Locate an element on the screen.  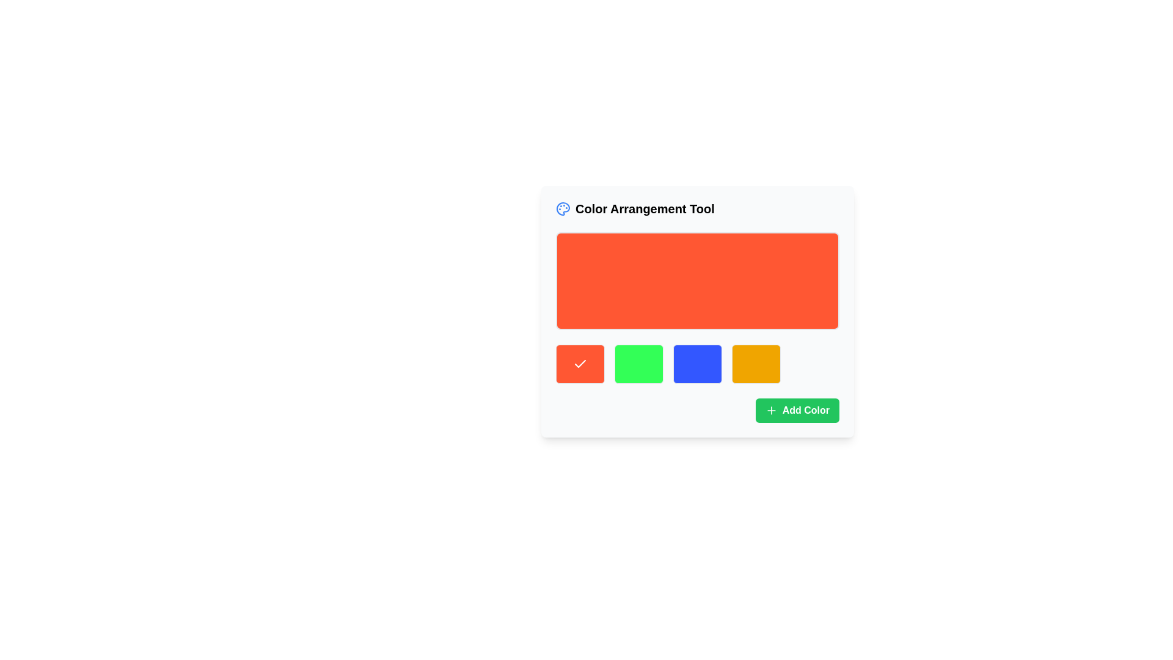
the third selectable color block is located at coordinates (698, 364).